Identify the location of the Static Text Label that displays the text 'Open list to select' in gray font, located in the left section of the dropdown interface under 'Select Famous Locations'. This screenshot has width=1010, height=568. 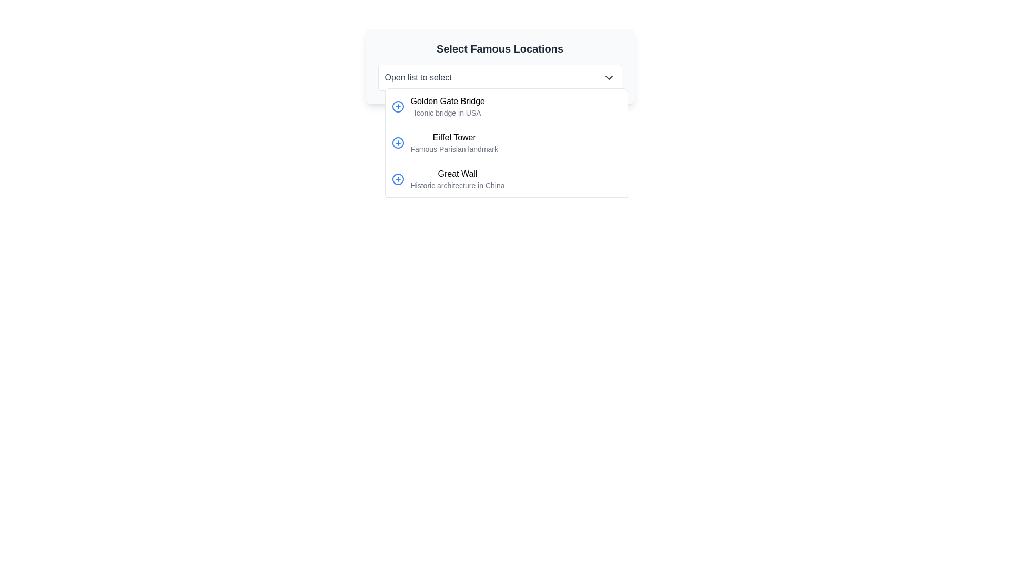
(418, 77).